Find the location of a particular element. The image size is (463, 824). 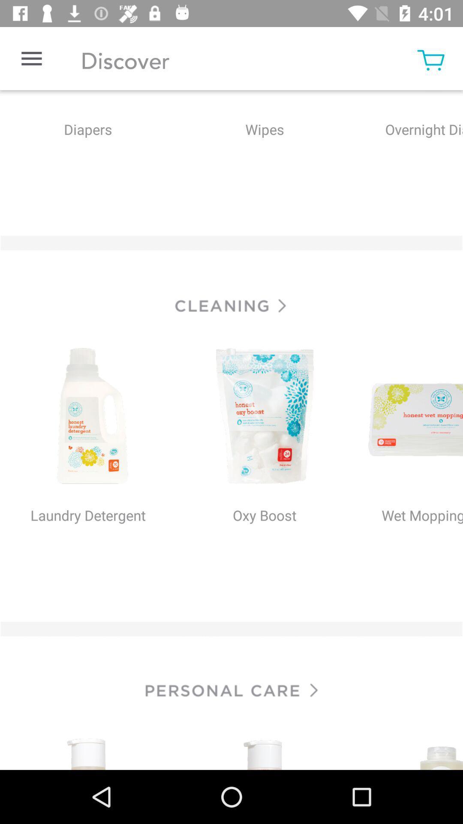

the diapers is located at coordinates (88, 148).